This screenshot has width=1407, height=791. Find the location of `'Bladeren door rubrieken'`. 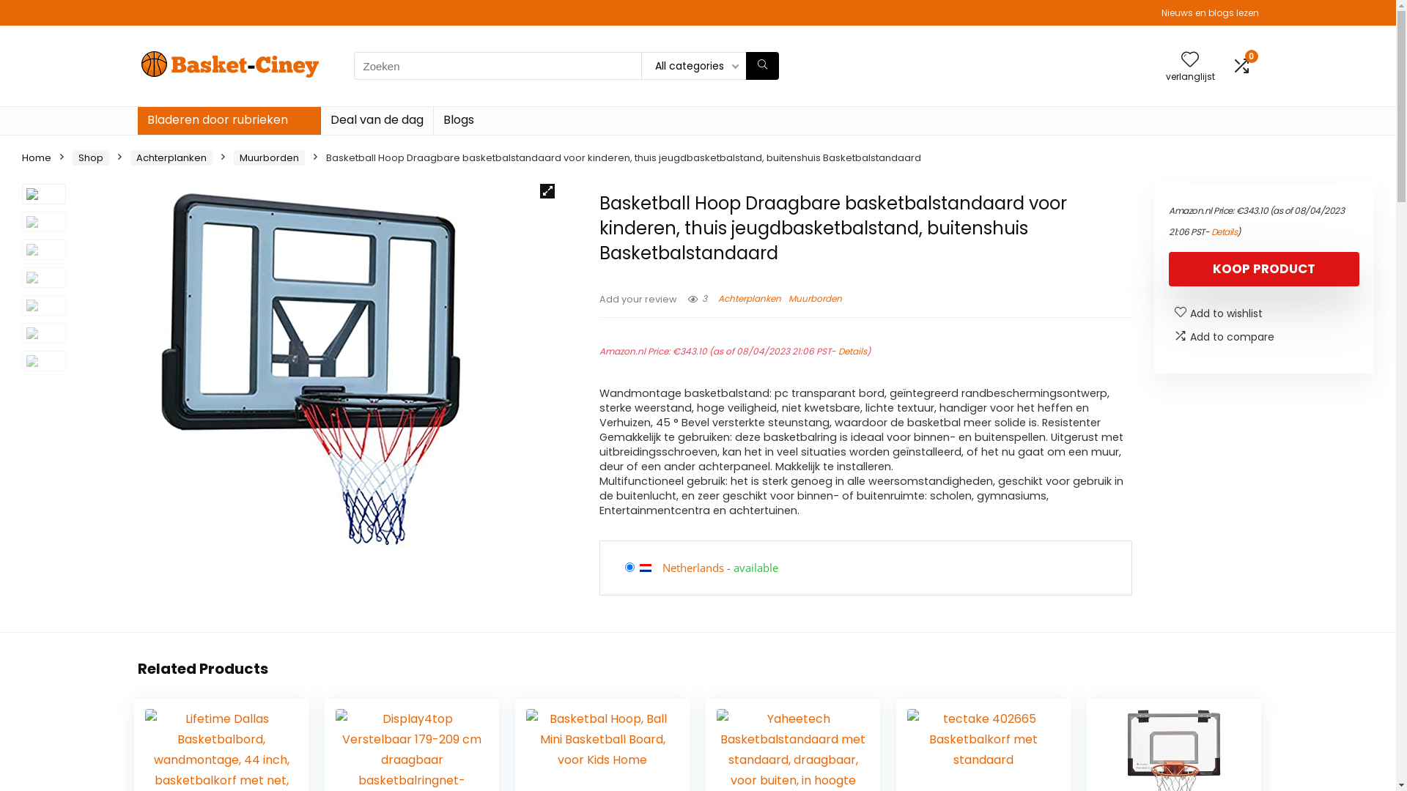

'Bladeren door rubrieken' is located at coordinates (228, 120).